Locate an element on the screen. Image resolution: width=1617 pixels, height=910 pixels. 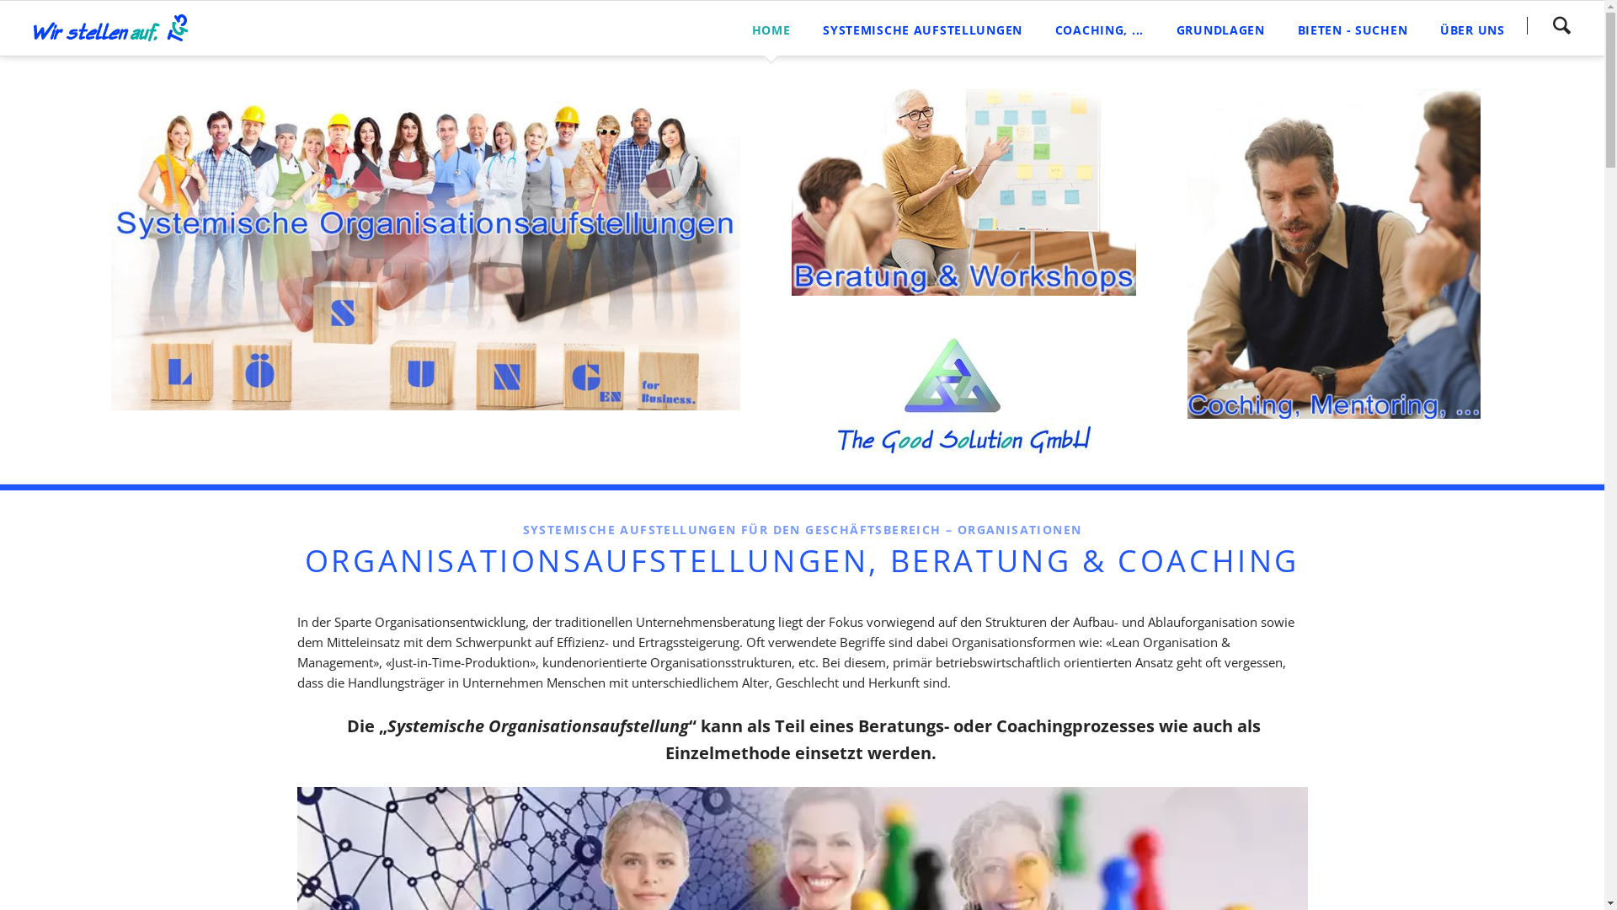
'COACHING, ...' is located at coordinates (1099, 28).